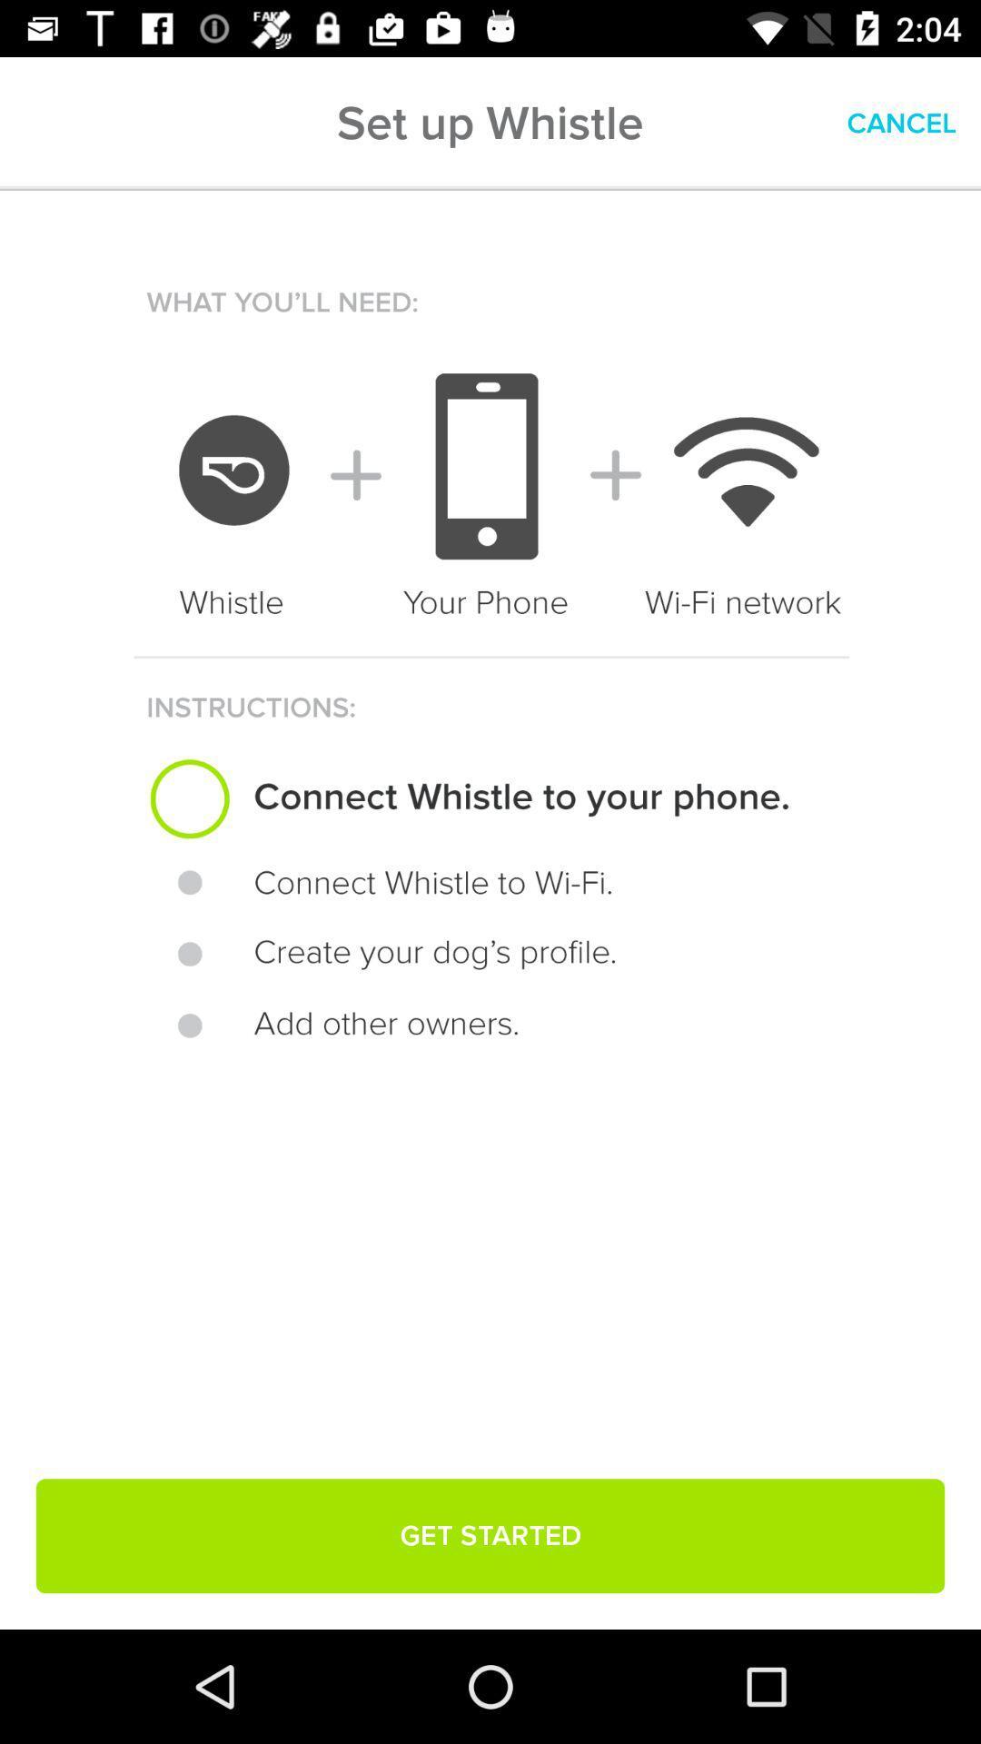 This screenshot has height=1744, width=981. What do you see at coordinates (901, 123) in the screenshot?
I see `the icon to the right of set up whistle icon` at bounding box center [901, 123].